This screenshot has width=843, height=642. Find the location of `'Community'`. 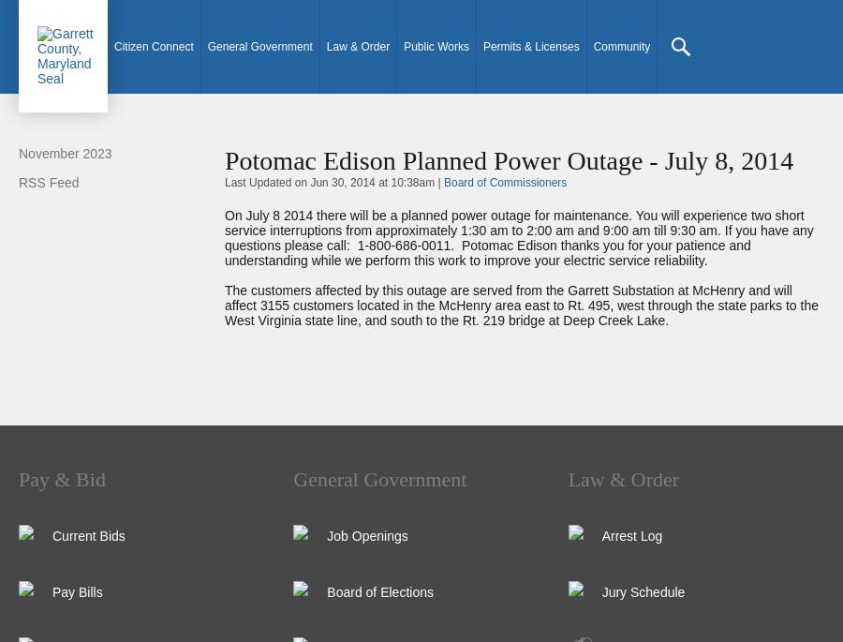

'Community' is located at coordinates (621, 47).